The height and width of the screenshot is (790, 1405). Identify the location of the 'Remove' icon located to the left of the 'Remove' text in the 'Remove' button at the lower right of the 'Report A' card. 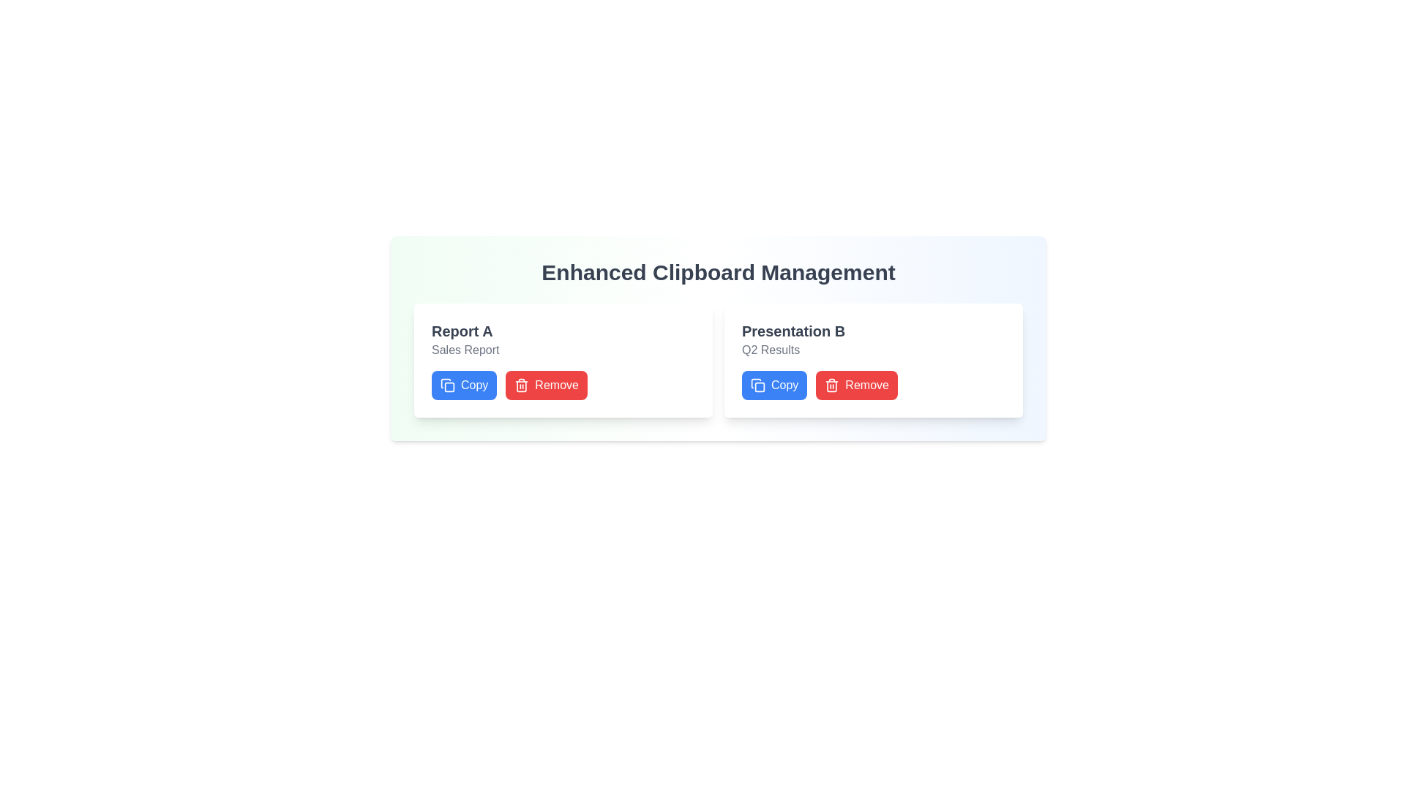
(522, 385).